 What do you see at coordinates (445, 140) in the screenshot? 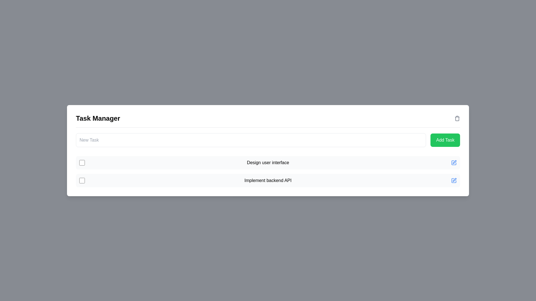
I see `the green 'Add Task' button located on the right-hand side of the task list interface` at bounding box center [445, 140].